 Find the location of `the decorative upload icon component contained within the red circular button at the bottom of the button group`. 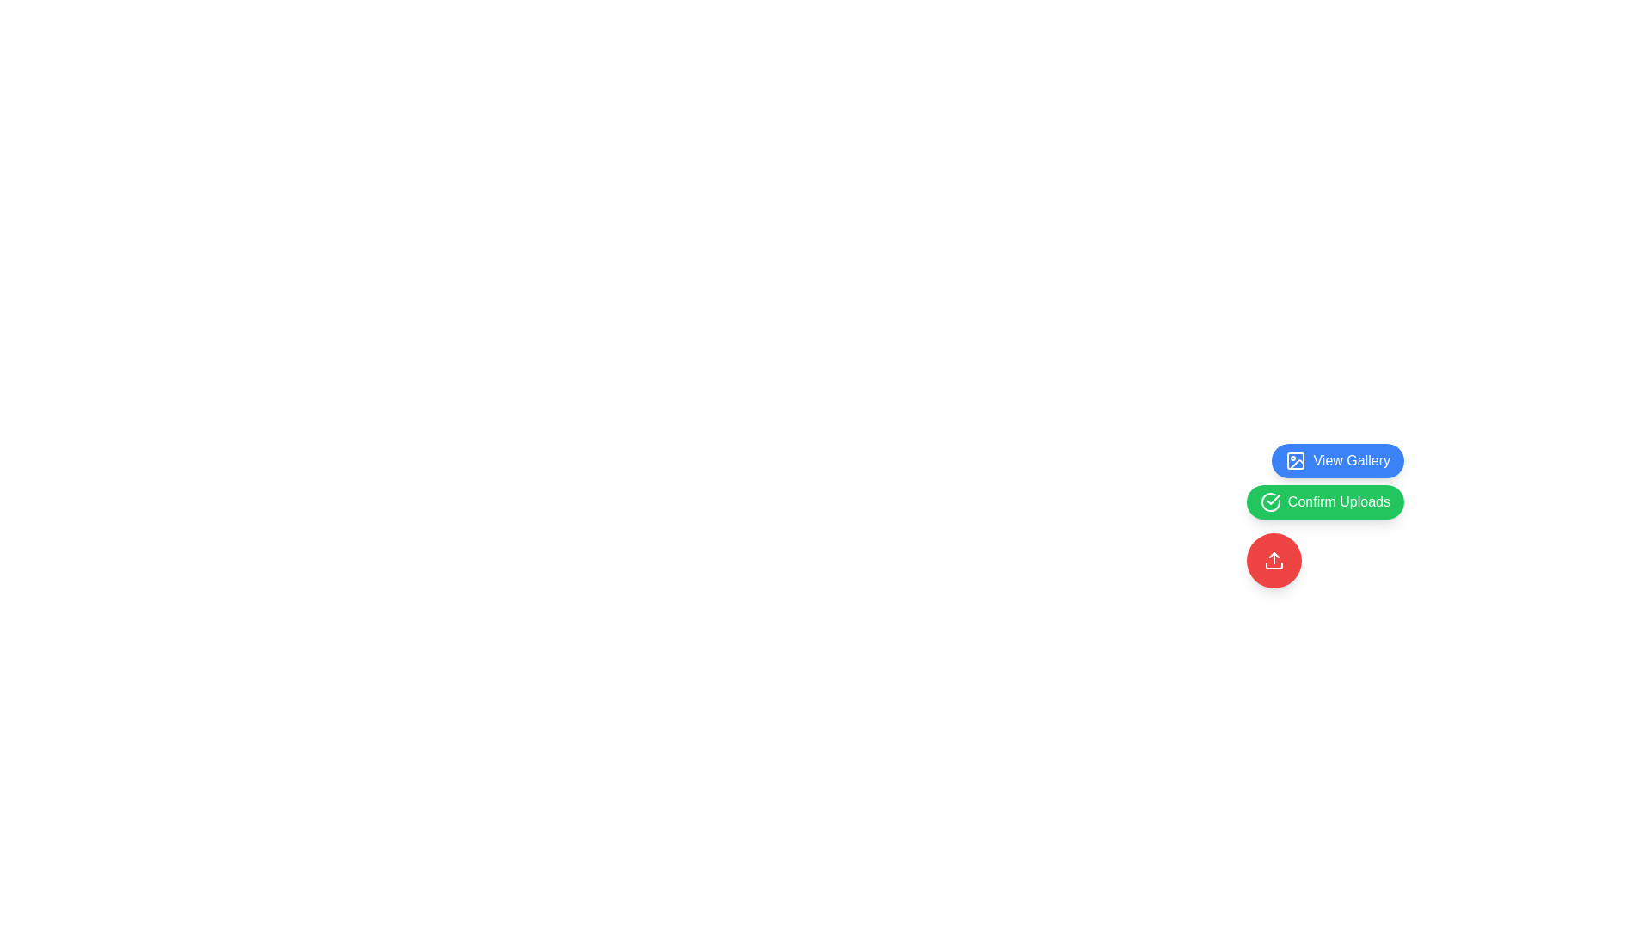

the decorative upload icon component contained within the red circular button at the bottom of the button group is located at coordinates (1274, 566).